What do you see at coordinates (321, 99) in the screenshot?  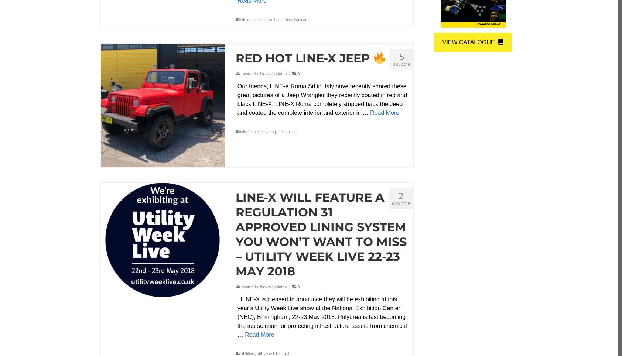 I see `'Our friends, LINE-X Roma Srl in Italy have recently shared these great pictures of a Jeep Wrangler they recently coated in red and black LINE-X. LINE-X Roma completely stripped back the Jeep and coated the complete interior and exterior in …'` at bounding box center [321, 99].